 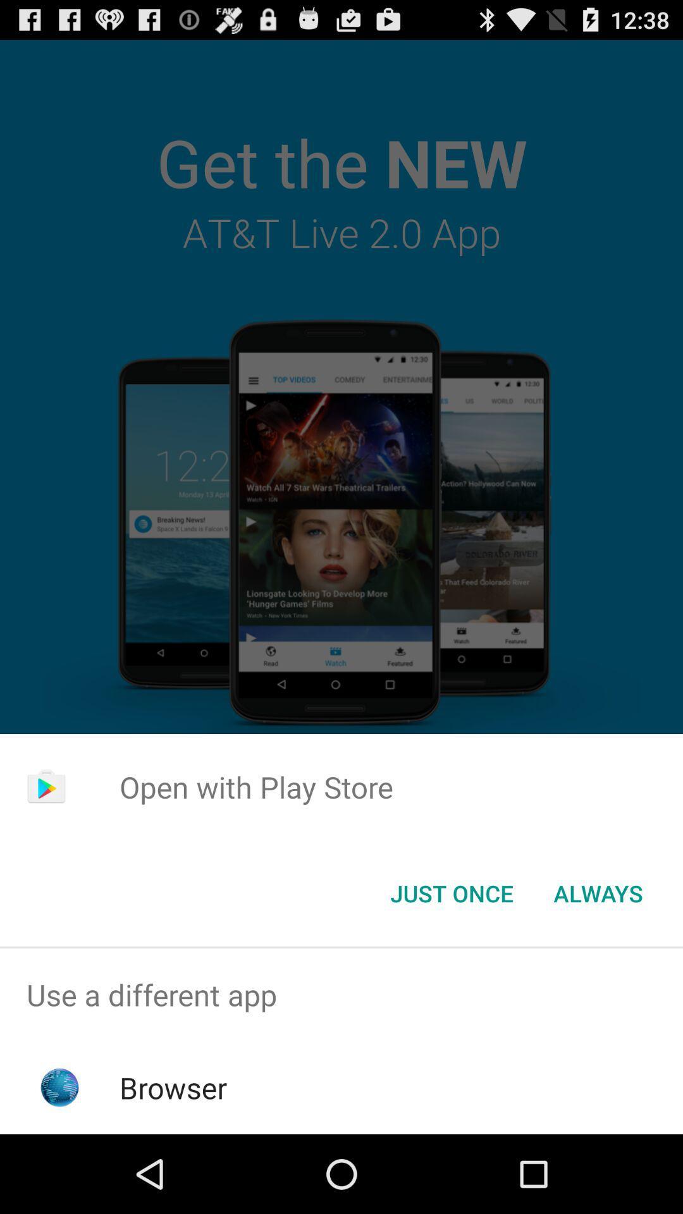 I want to click on app below the open with play item, so click(x=598, y=892).